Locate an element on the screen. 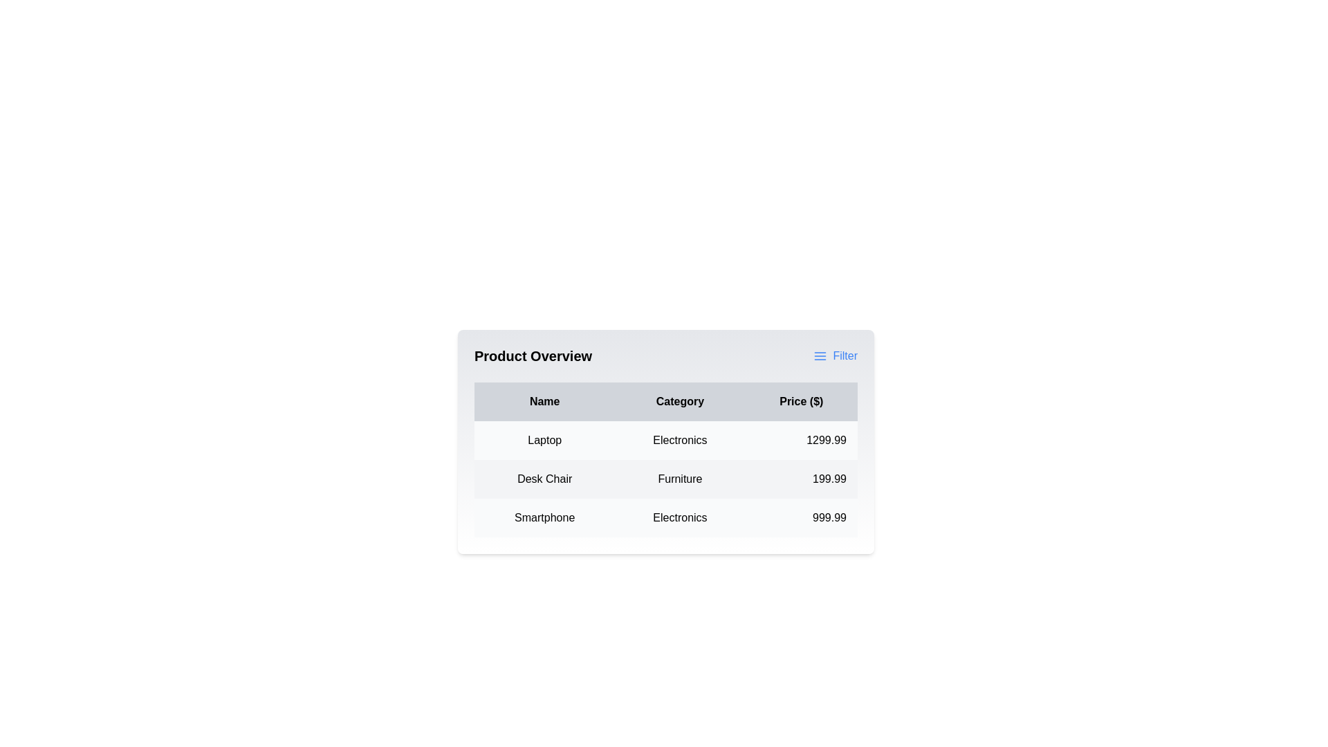  the text label displaying the product name 'Smartphone' in the third row of the 'Product Overview' table is located at coordinates (544, 517).